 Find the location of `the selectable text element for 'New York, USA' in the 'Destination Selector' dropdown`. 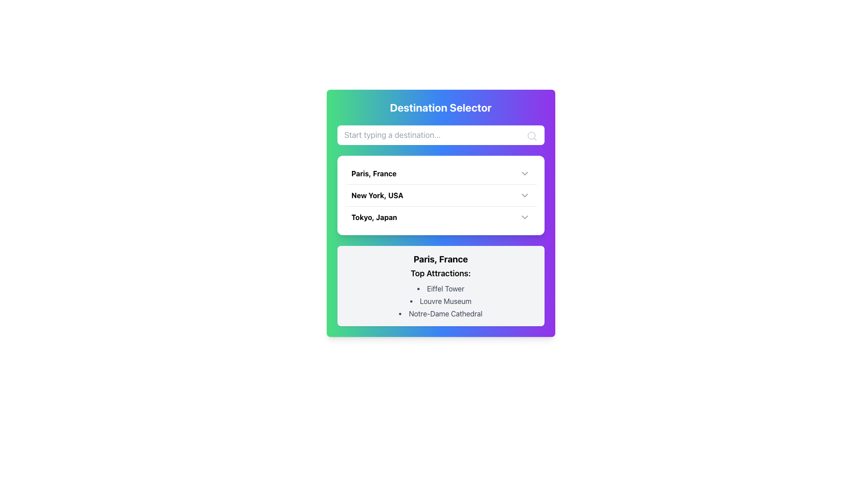

the selectable text element for 'New York, USA' in the 'Destination Selector' dropdown is located at coordinates (377, 195).